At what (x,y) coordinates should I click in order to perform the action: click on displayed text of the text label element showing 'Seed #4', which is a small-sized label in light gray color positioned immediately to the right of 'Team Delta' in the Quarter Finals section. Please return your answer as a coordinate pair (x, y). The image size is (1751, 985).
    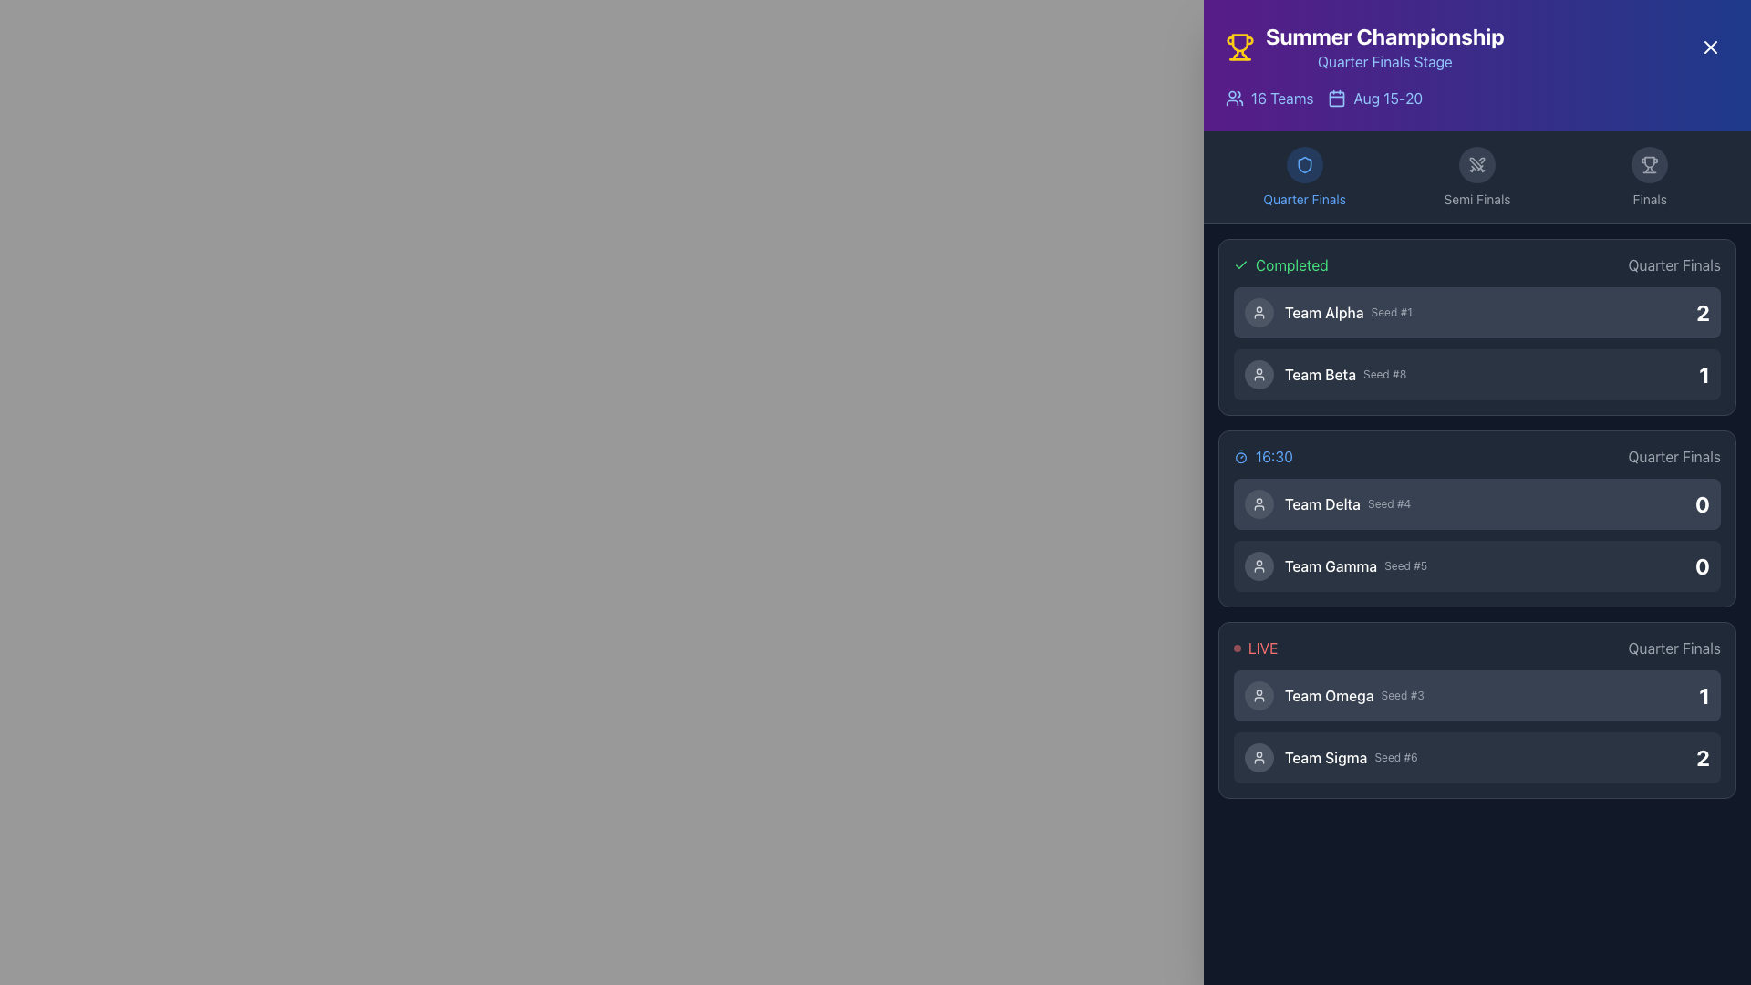
    Looking at the image, I should click on (1388, 503).